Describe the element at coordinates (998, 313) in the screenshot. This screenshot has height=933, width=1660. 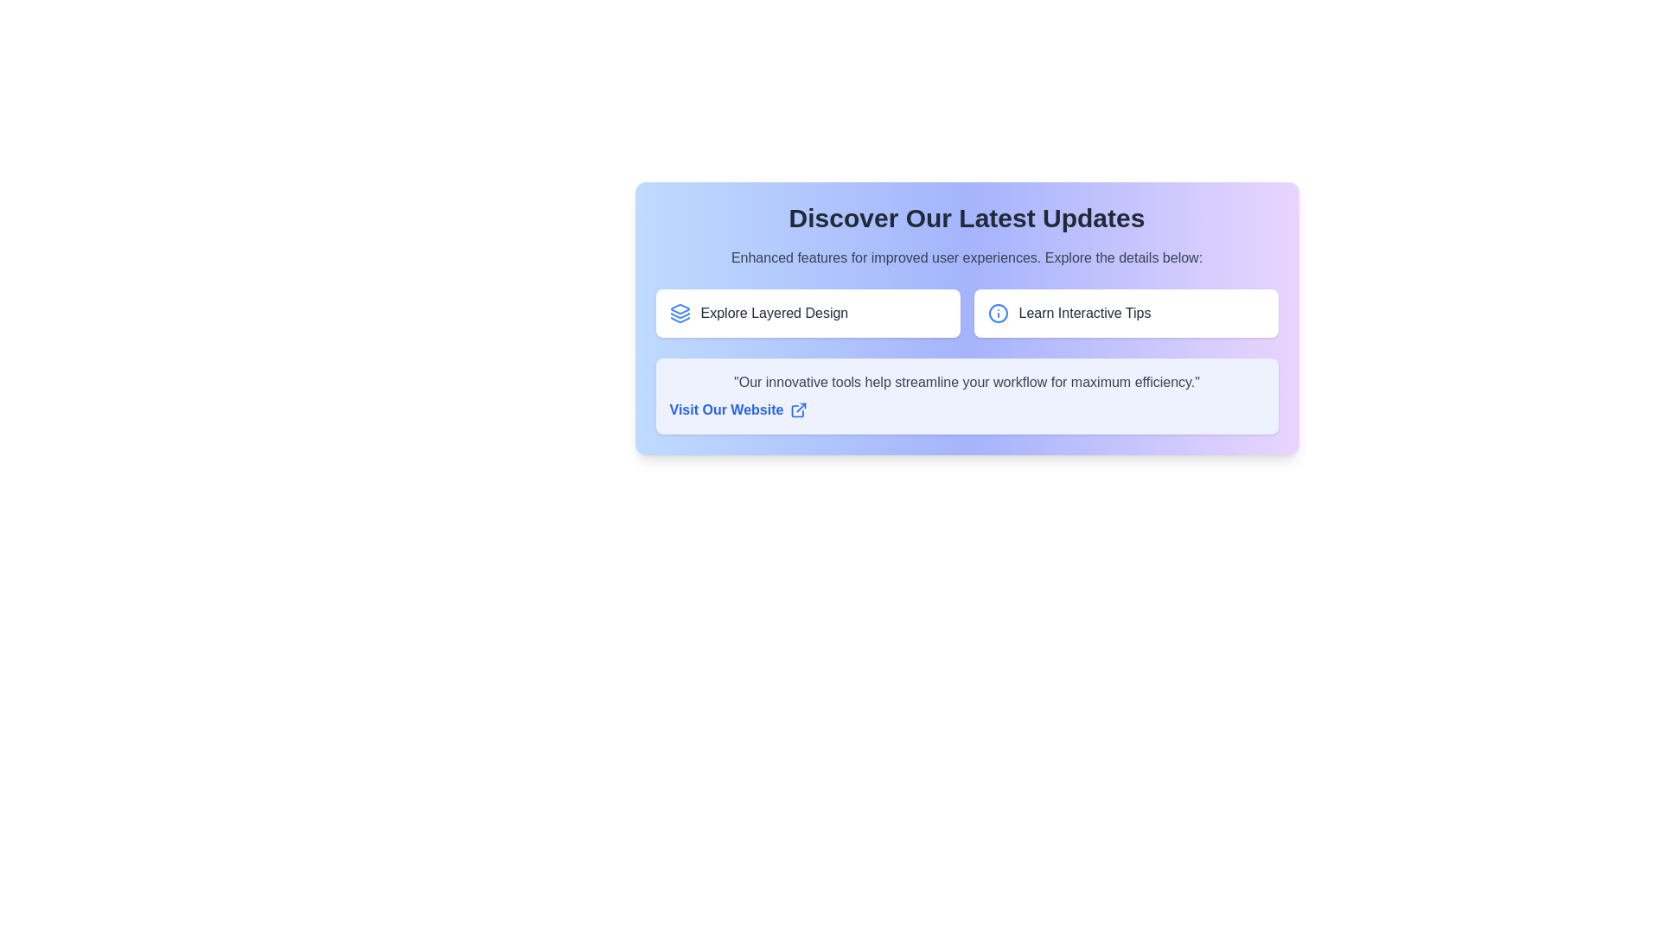
I see `the SVG-based icon located to the left of the text in the 'Learn Interactive Tips' button, which is the second button from the top in a horizontal group of interactive buttons` at that location.